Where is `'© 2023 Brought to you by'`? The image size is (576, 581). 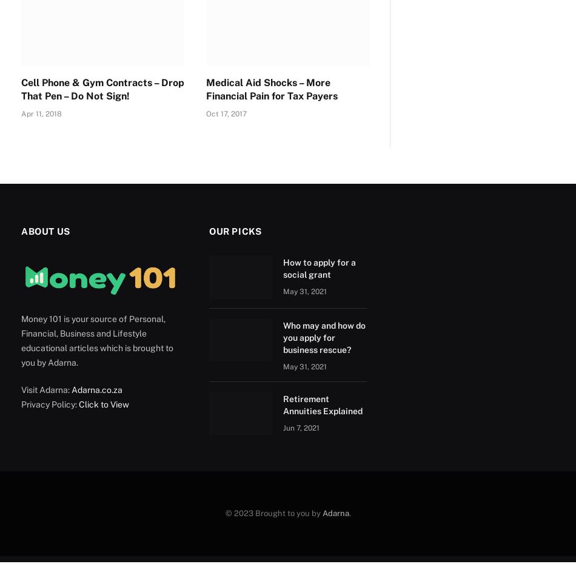
'© 2023 Brought to you by' is located at coordinates (224, 512).